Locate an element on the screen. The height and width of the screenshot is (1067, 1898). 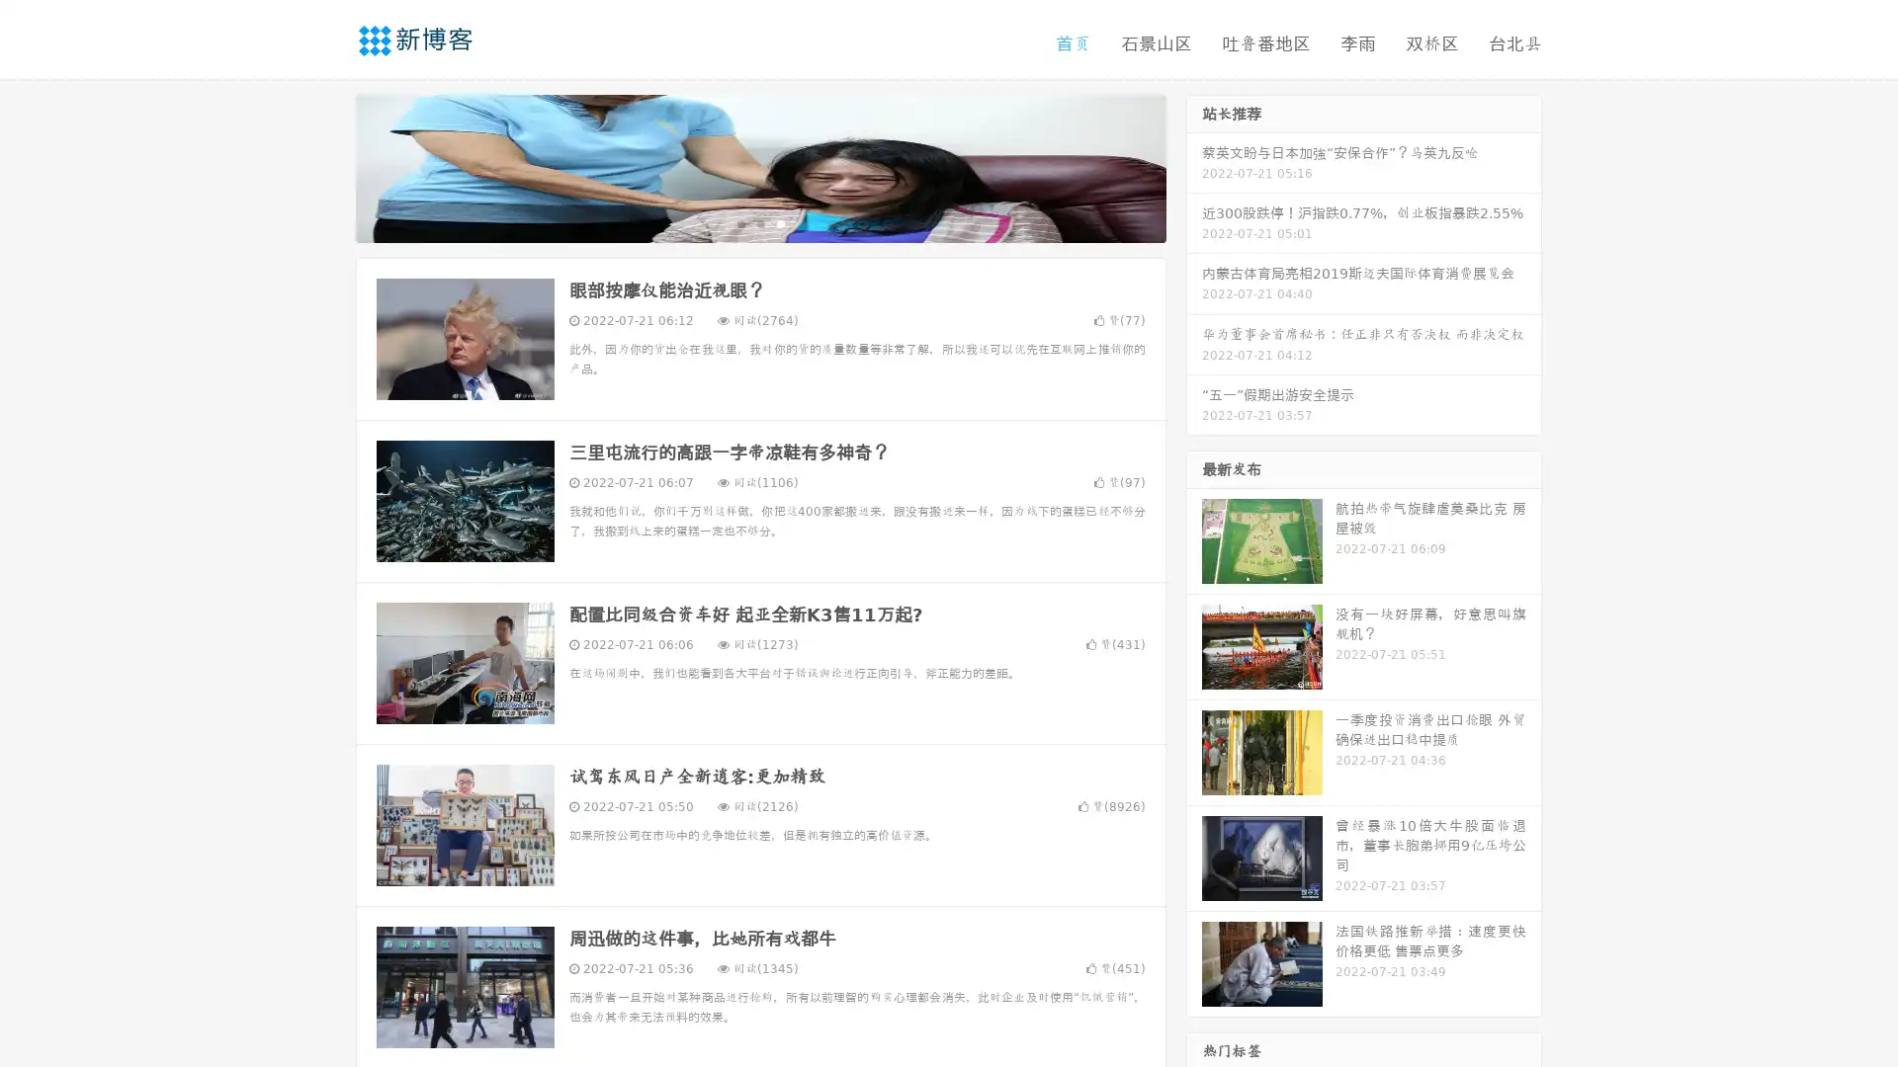
Go to slide 3 is located at coordinates (780, 222).